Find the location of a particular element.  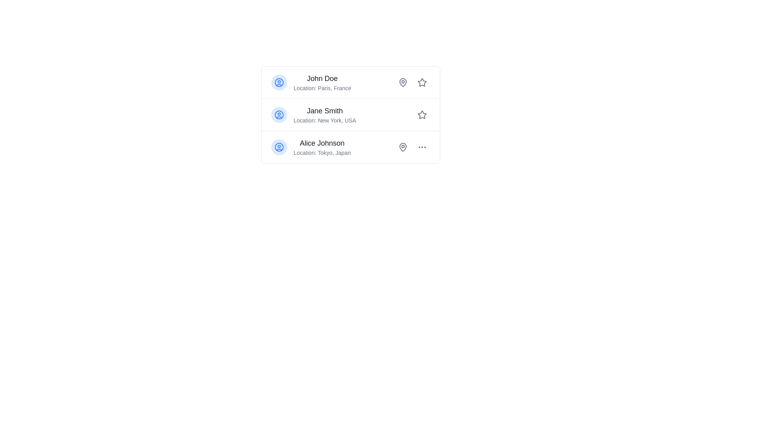

the text label displaying the name 'Alice Johnson' which is the primary textual attribute of the third profile item in the list is located at coordinates (322, 142).